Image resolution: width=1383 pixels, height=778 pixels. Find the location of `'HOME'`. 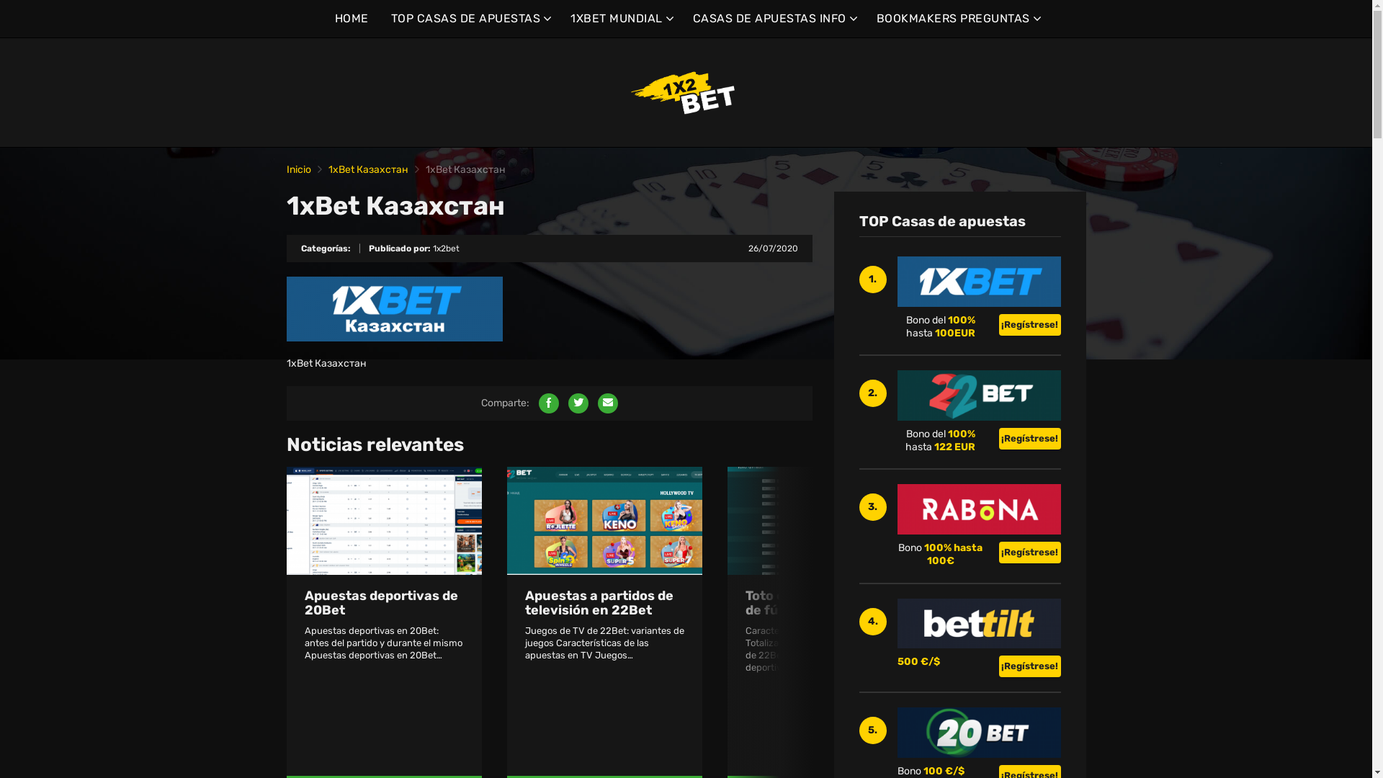

'HOME' is located at coordinates (351, 19).